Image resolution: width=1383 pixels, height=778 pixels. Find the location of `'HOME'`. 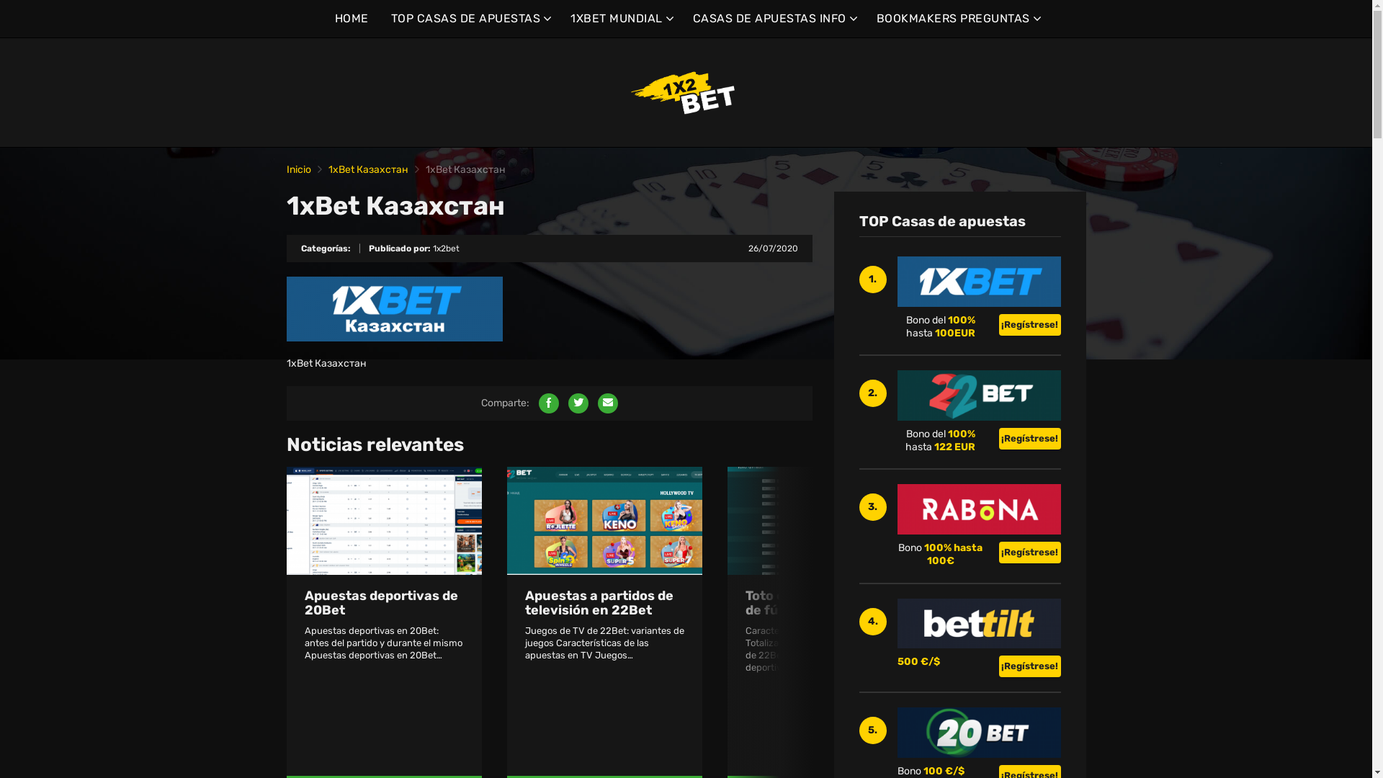

'HOME' is located at coordinates (351, 19).